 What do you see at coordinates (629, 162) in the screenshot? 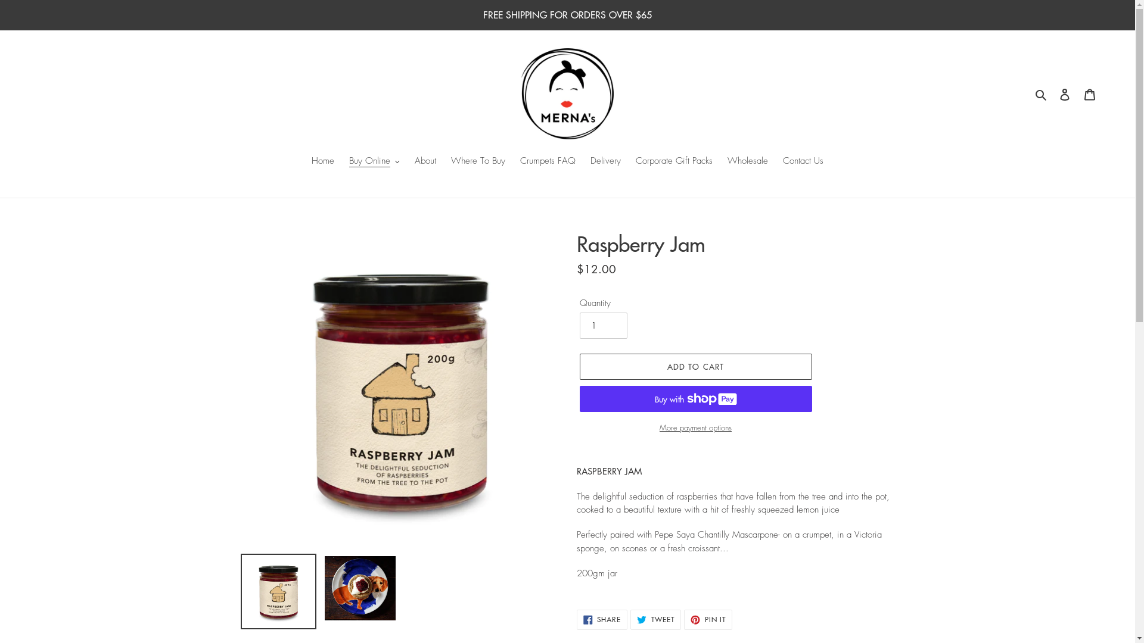
I see `'Corporate Gift Packs'` at bounding box center [629, 162].